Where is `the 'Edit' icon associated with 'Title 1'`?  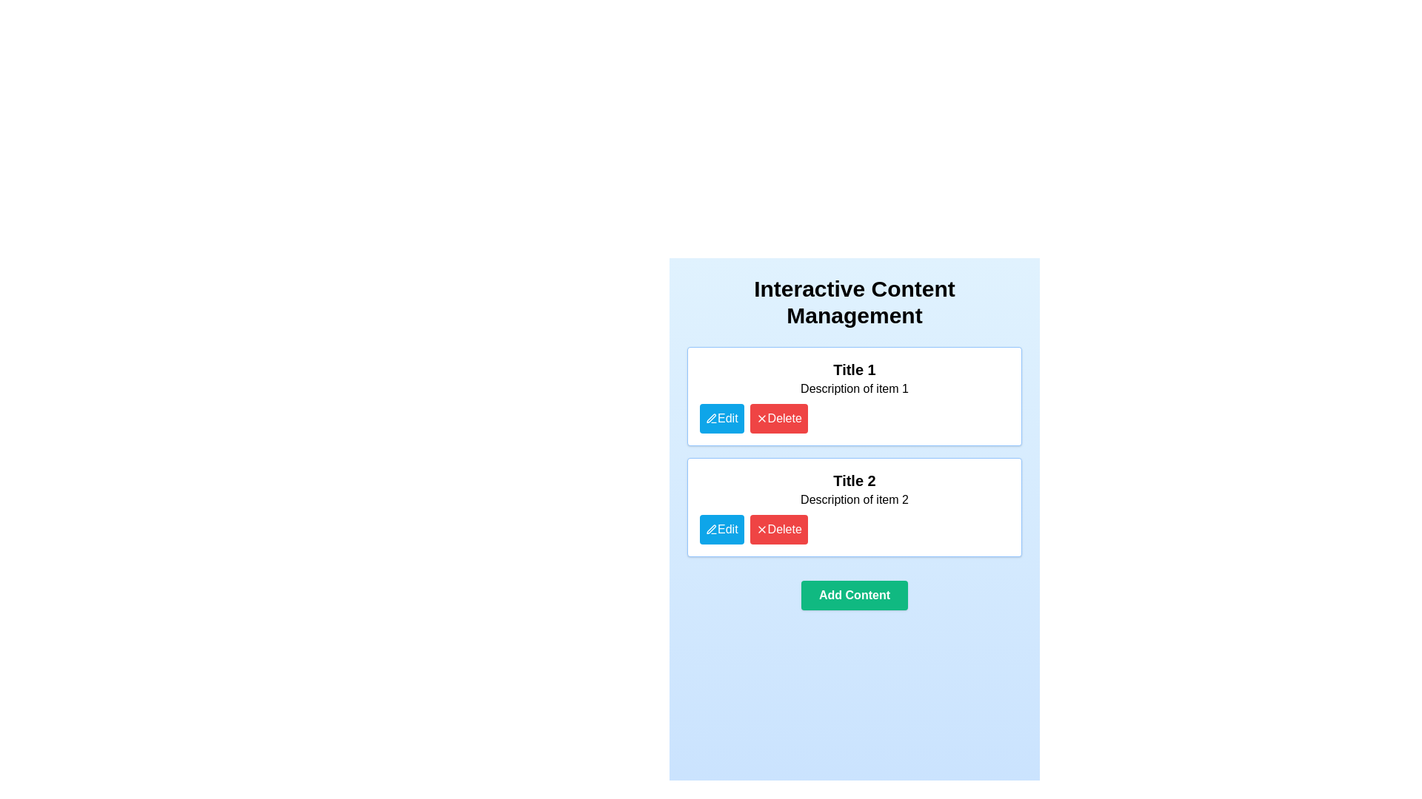 the 'Edit' icon associated with 'Title 1' is located at coordinates (711, 419).